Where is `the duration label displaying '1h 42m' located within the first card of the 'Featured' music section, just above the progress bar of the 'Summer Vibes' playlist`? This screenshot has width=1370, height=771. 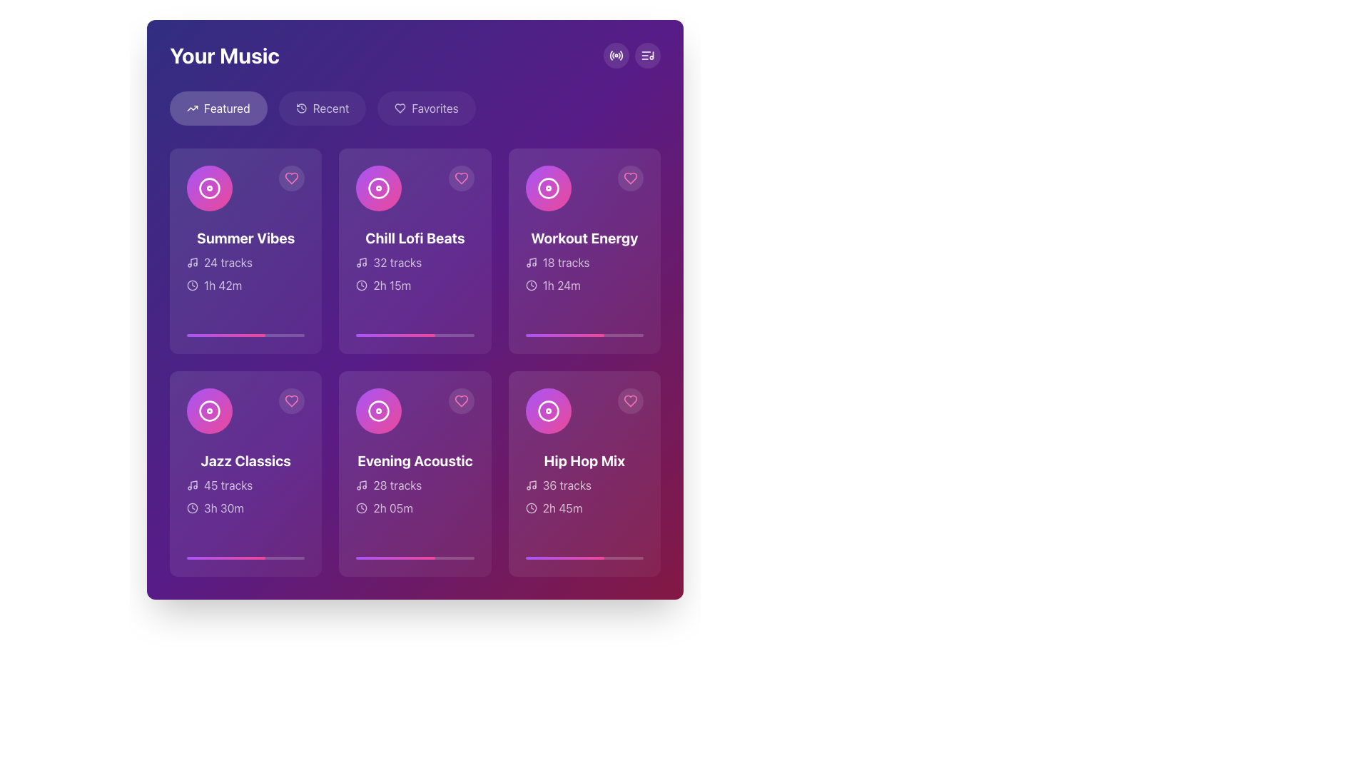 the duration label displaying '1h 42m' located within the first card of the 'Featured' music section, just above the progress bar of the 'Summer Vibes' playlist is located at coordinates (222, 286).